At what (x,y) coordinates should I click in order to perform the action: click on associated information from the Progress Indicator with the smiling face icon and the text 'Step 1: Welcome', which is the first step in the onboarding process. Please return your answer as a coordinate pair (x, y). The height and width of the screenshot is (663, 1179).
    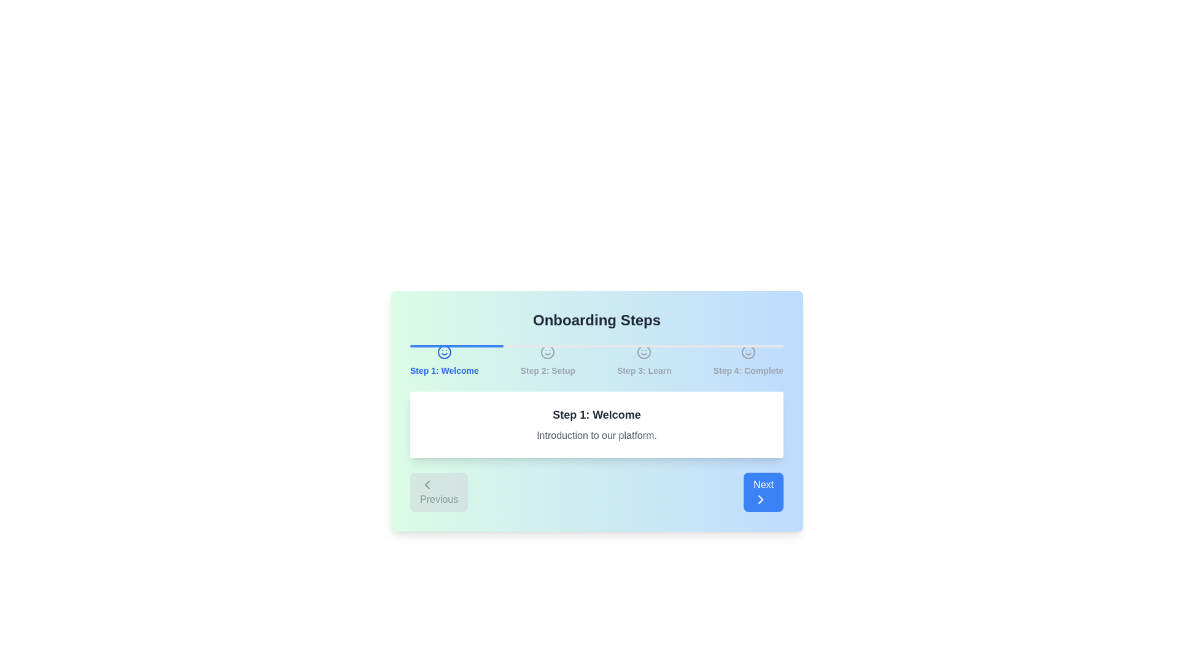
    Looking at the image, I should click on (443, 360).